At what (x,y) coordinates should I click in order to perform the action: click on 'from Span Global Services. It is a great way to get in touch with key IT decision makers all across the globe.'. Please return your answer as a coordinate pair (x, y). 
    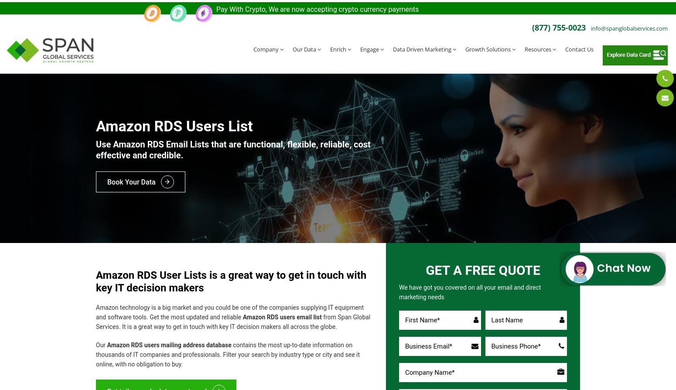
    Looking at the image, I should click on (95, 317).